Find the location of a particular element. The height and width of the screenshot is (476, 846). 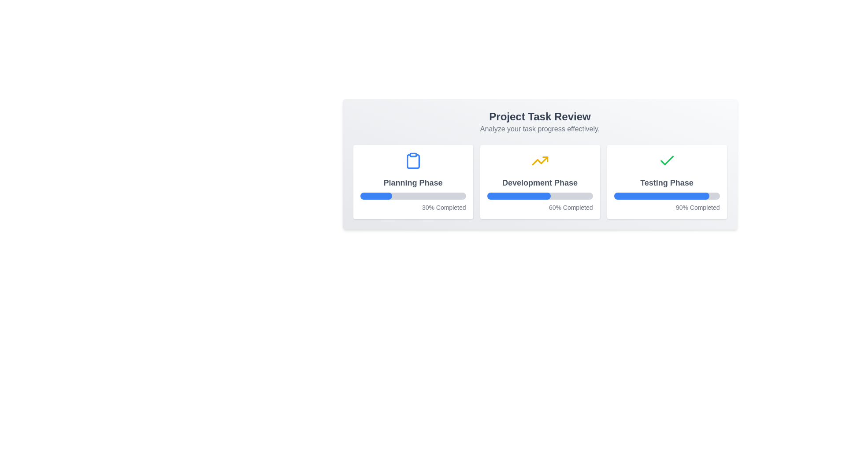

the blue clipboard icon located within the 'Planning Phase' card, which is the first of three cards under the 'Project Task Review' section is located at coordinates (412, 161).